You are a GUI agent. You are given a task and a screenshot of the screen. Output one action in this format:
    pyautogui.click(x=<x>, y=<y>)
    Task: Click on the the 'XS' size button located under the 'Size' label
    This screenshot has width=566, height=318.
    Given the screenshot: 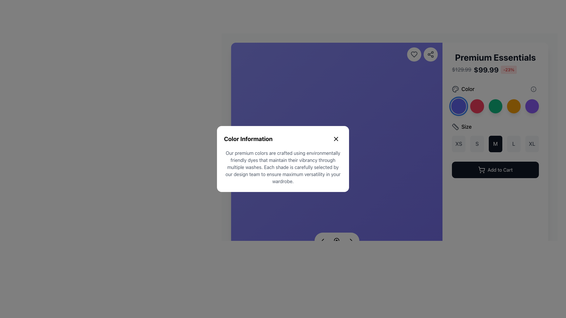 What is the action you would take?
    pyautogui.click(x=458, y=144)
    